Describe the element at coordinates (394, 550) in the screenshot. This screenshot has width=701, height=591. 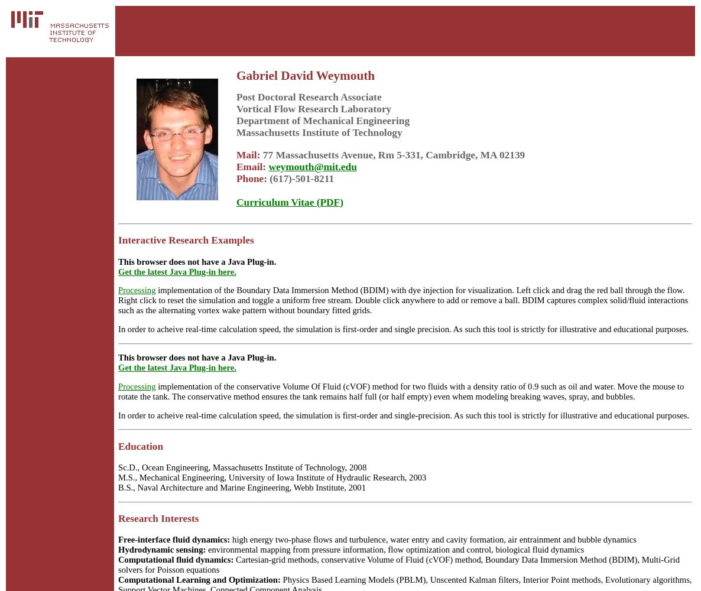
I see `'environmental mapping from pressure information, flow optimization and control, biological fluid dynamics'` at that location.